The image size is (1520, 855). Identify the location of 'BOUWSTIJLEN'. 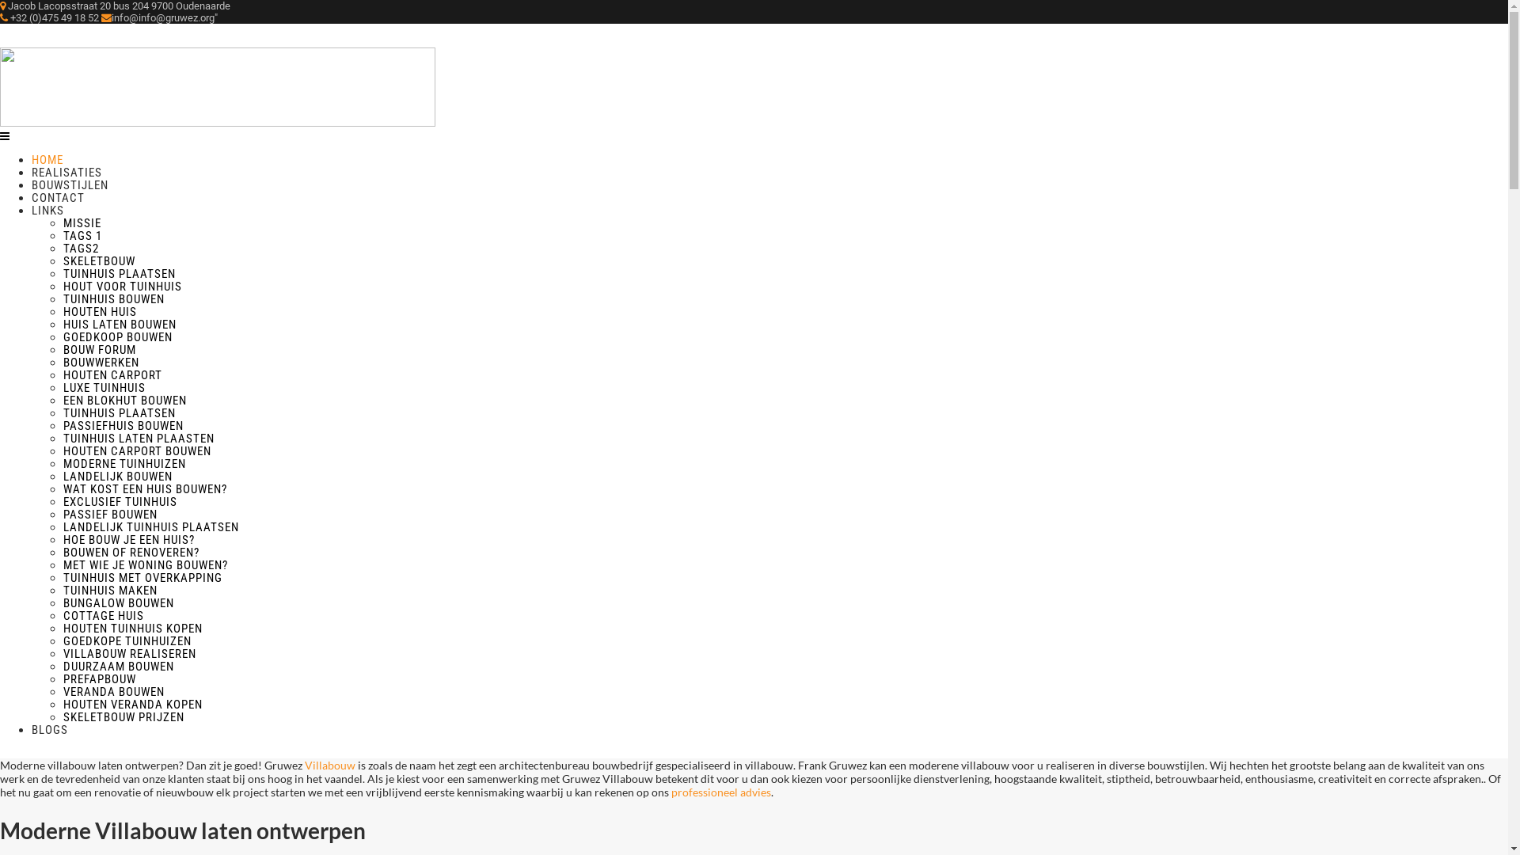
(69, 184).